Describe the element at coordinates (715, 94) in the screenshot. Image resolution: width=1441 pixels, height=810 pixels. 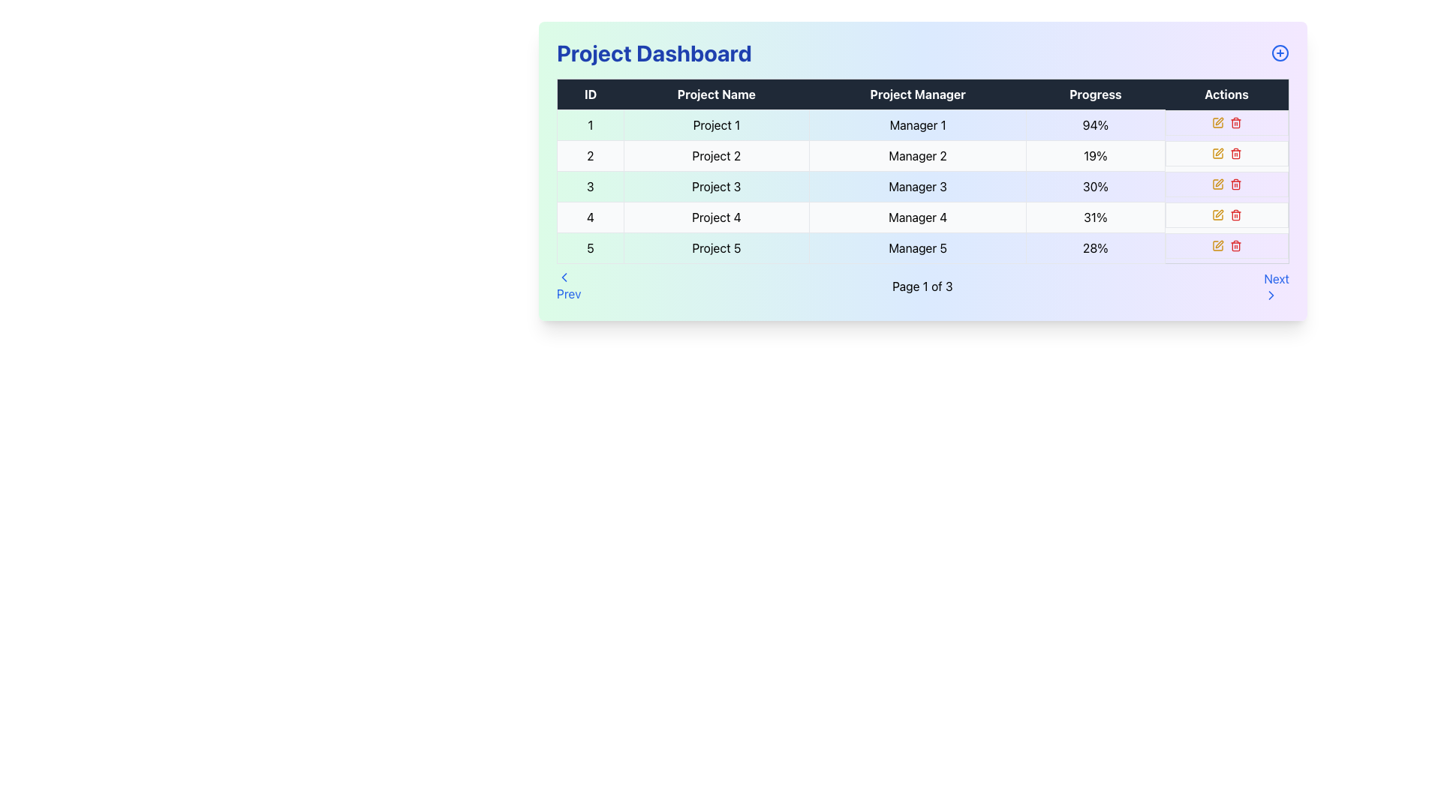
I see `the second header column labeled 'Project Names' in the 'Project Dashboard' table, which is positioned between the 'ID' column and the 'Project Manager' column` at that location.